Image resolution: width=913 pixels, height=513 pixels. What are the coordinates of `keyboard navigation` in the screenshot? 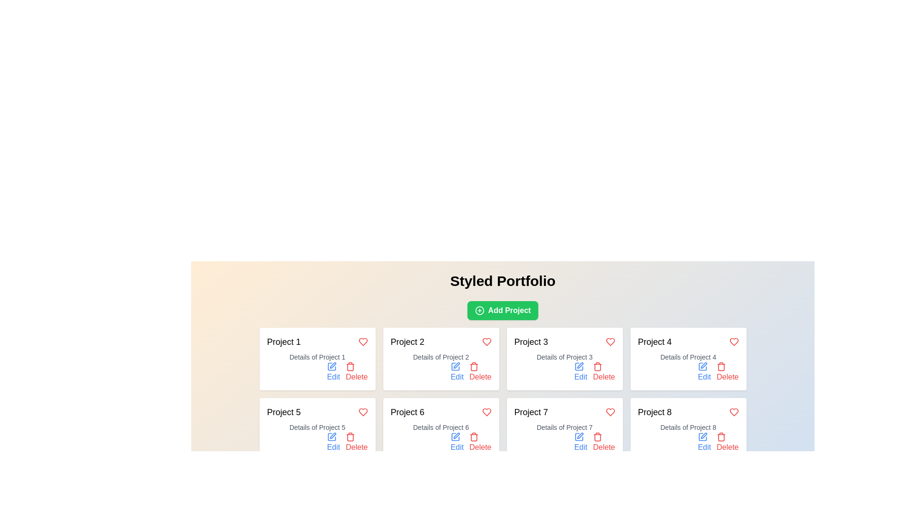 It's located at (603, 371).